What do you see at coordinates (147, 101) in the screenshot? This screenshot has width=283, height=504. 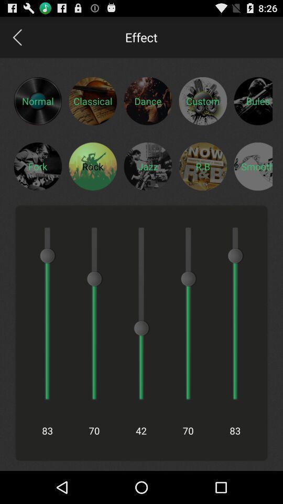 I see `dance effect selection` at bounding box center [147, 101].